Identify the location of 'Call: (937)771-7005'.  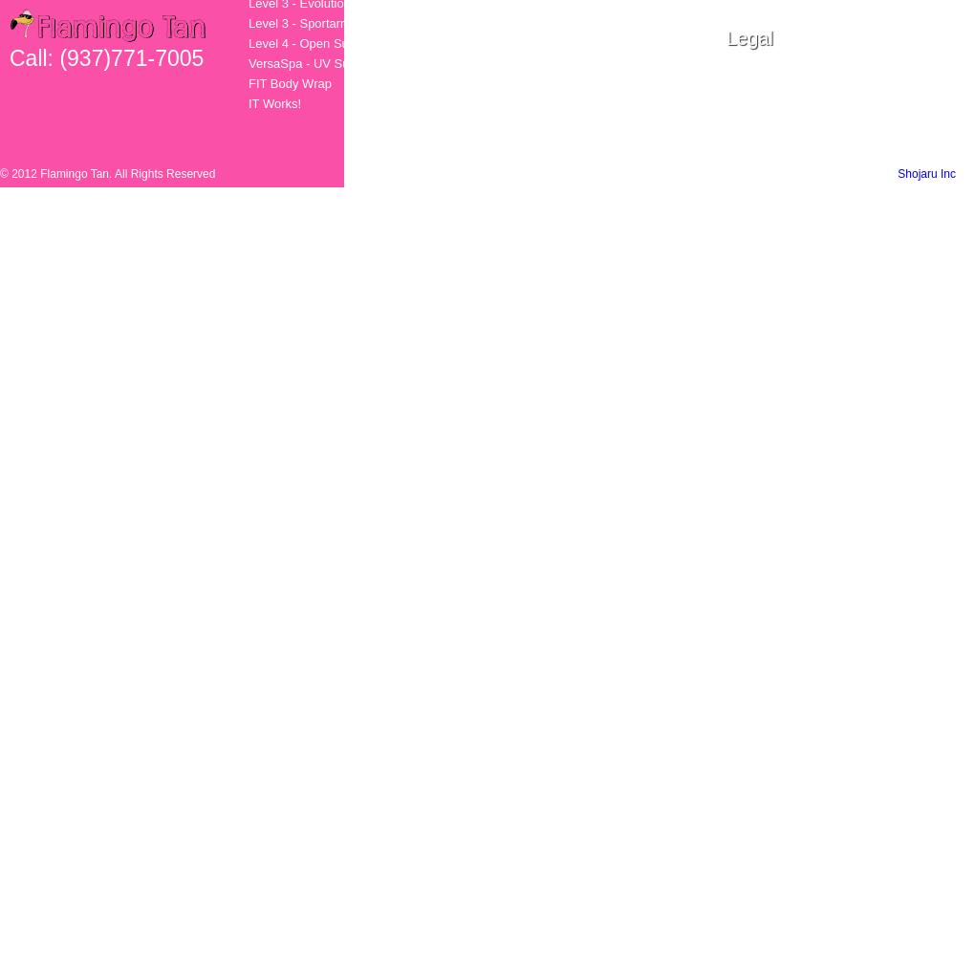
(105, 58).